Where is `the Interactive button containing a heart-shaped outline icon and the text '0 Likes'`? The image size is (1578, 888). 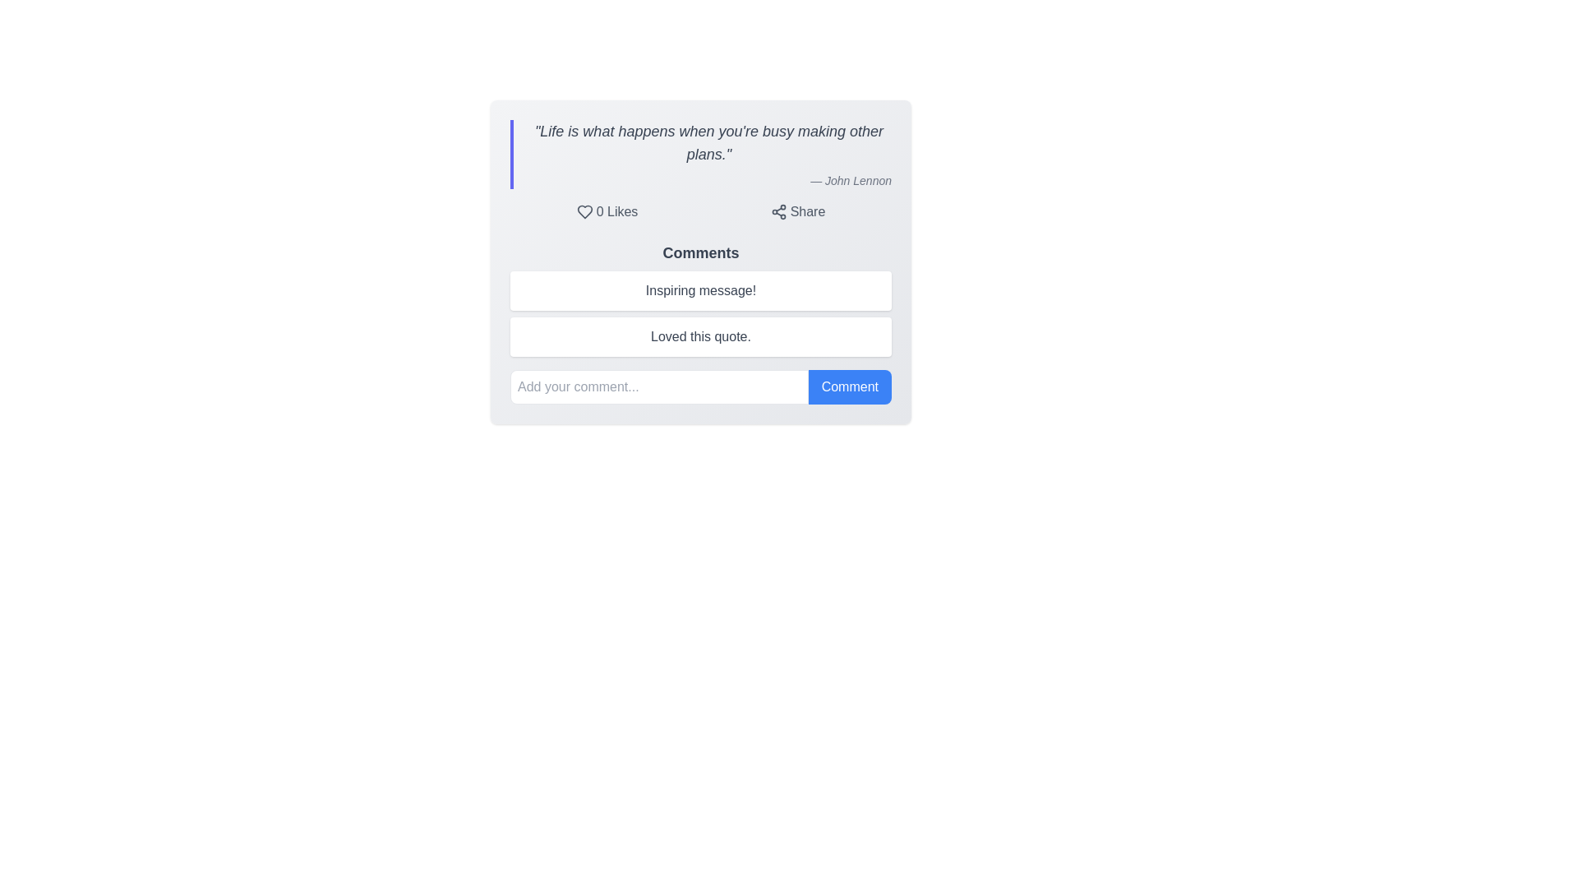 the Interactive button containing a heart-shaped outline icon and the text '0 Likes' is located at coordinates (607, 211).